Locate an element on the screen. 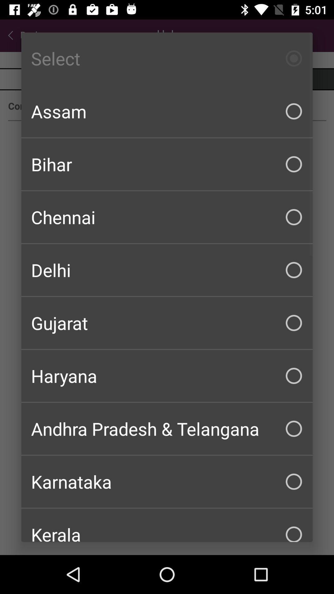 Image resolution: width=334 pixels, height=594 pixels. the icon below the select is located at coordinates (167, 111).